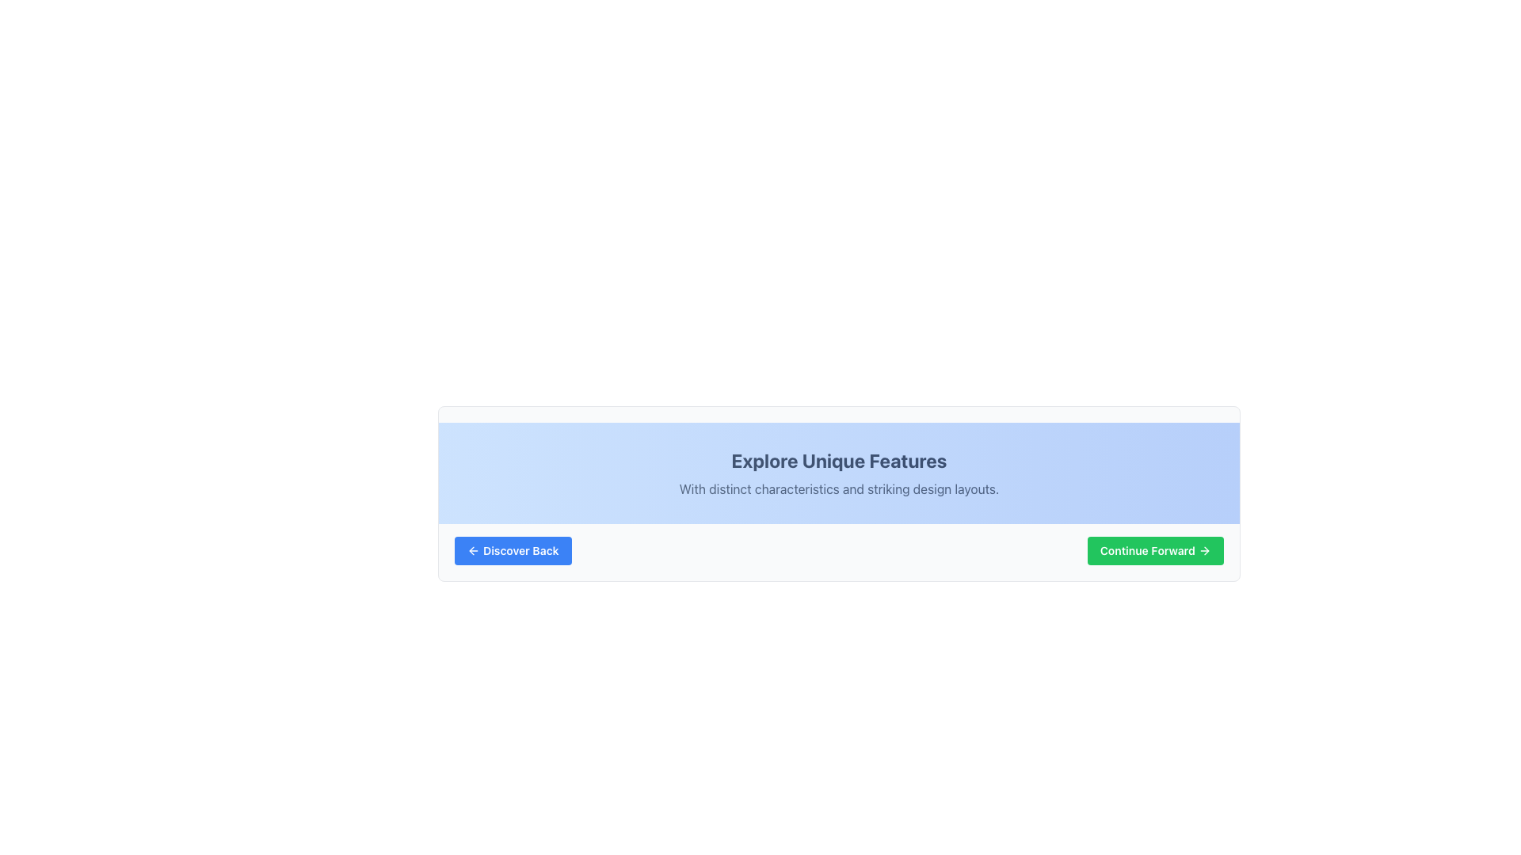 The height and width of the screenshot is (855, 1521). I want to click on the navigation button located on the left side of the bottom pair of buttons, so click(513, 549).